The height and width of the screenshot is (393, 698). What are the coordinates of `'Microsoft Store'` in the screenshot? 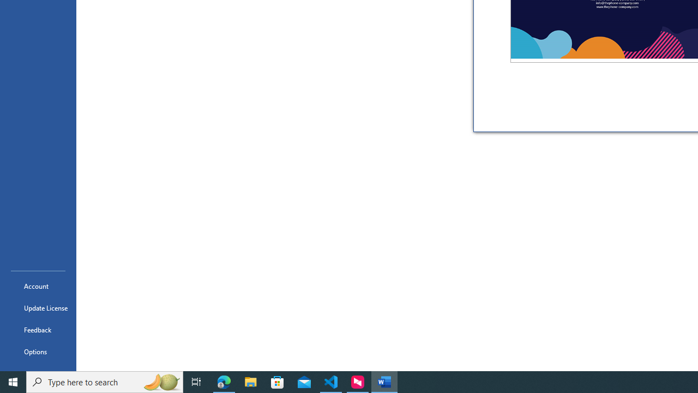 It's located at (278, 381).